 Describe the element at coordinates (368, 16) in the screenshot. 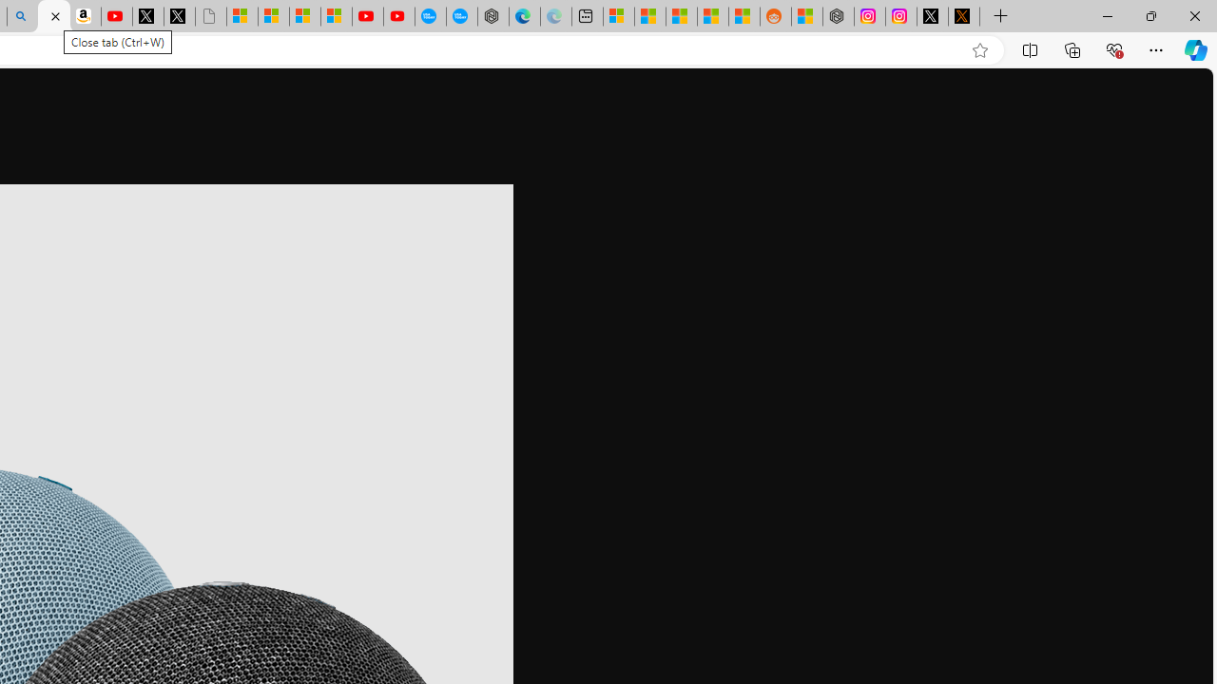

I see `'Gloom - YouTube'` at that location.